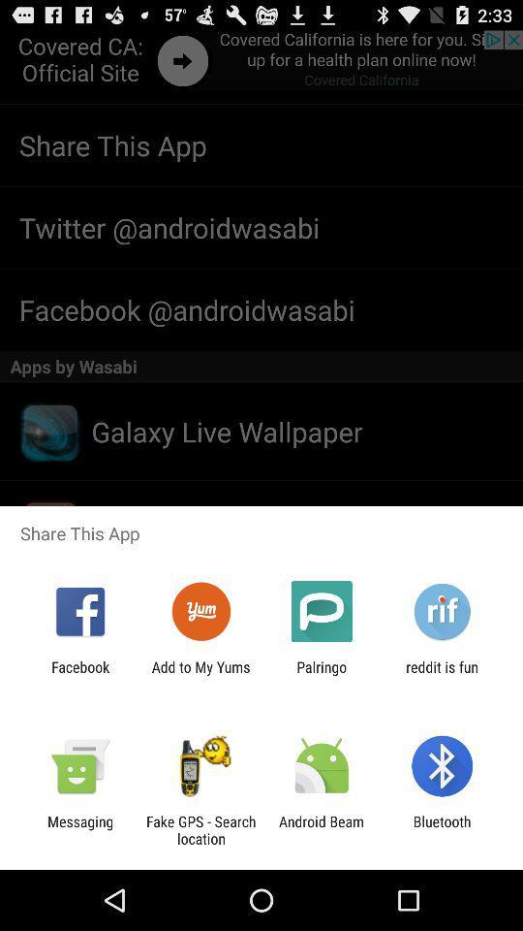 This screenshot has height=931, width=523. Describe the element at coordinates (79, 829) in the screenshot. I see `the app to the left of the fake gps search` at that location.